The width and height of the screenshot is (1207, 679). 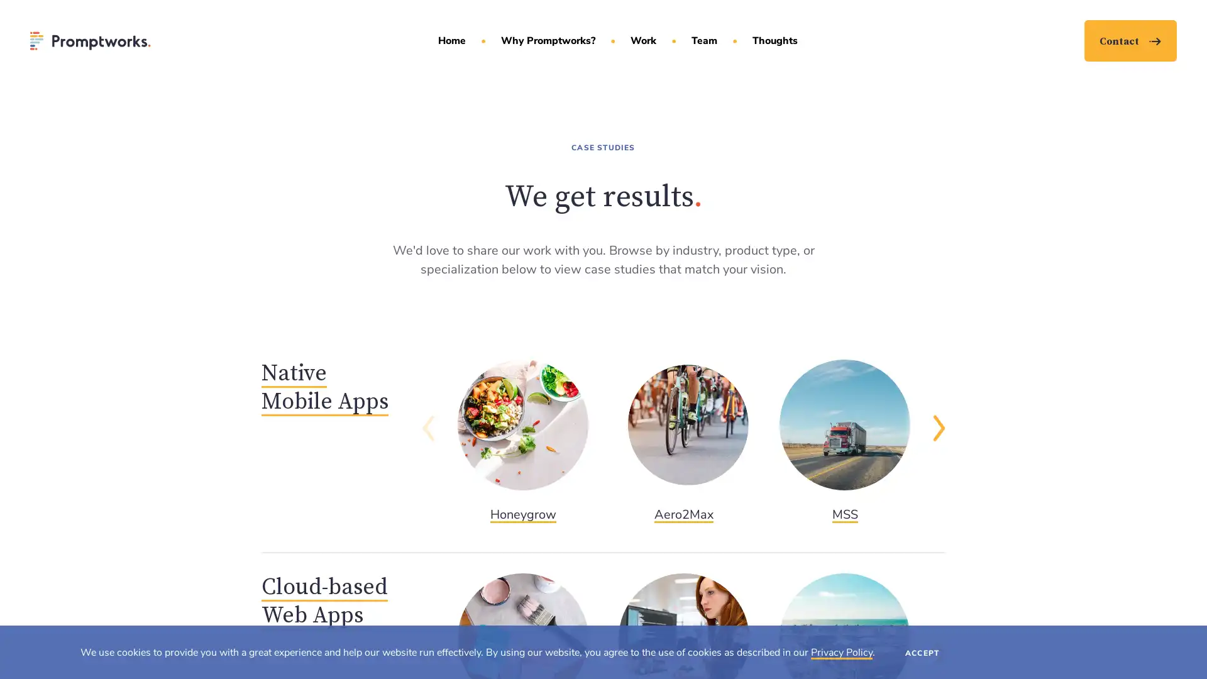 I want to click on Previous, so click(x=428, y=426).